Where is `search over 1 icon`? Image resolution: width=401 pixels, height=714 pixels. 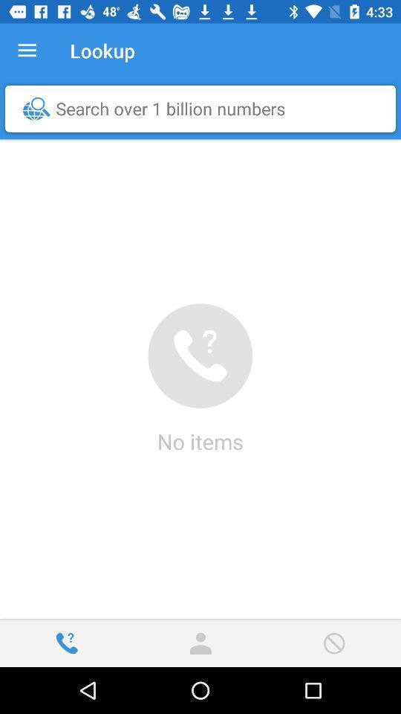 search over 1 icon is located at coordinates (203, 108).